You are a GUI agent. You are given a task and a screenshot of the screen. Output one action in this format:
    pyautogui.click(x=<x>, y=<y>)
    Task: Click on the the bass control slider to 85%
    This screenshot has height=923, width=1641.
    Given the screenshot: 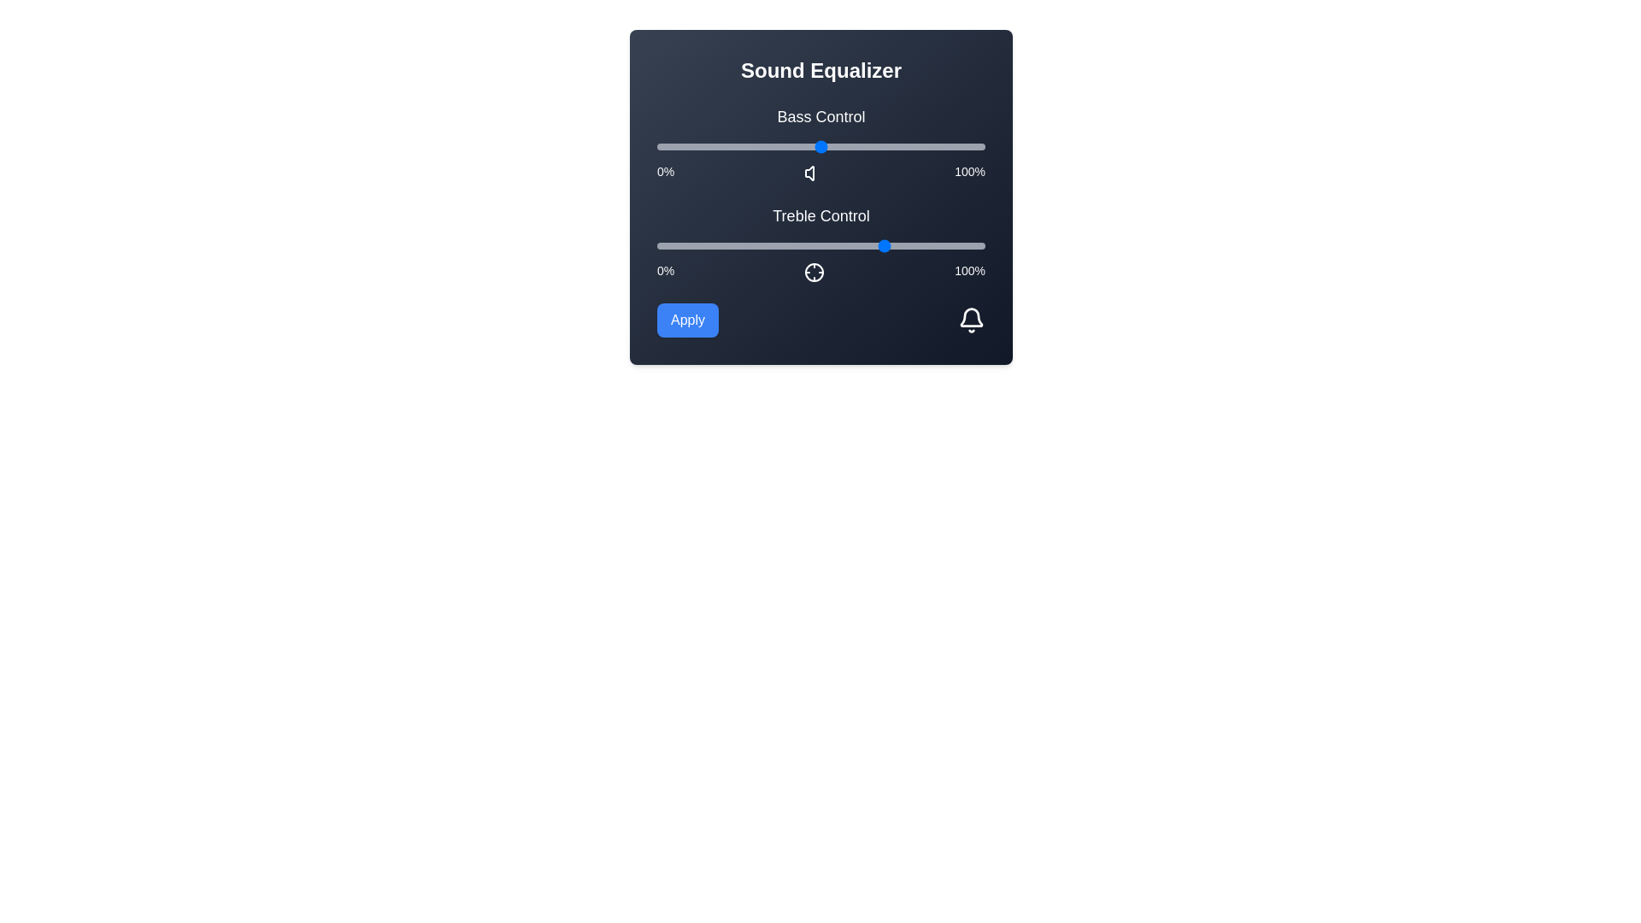 What is the action you would take?
    pyautogui.click(x=935, y=146)
    